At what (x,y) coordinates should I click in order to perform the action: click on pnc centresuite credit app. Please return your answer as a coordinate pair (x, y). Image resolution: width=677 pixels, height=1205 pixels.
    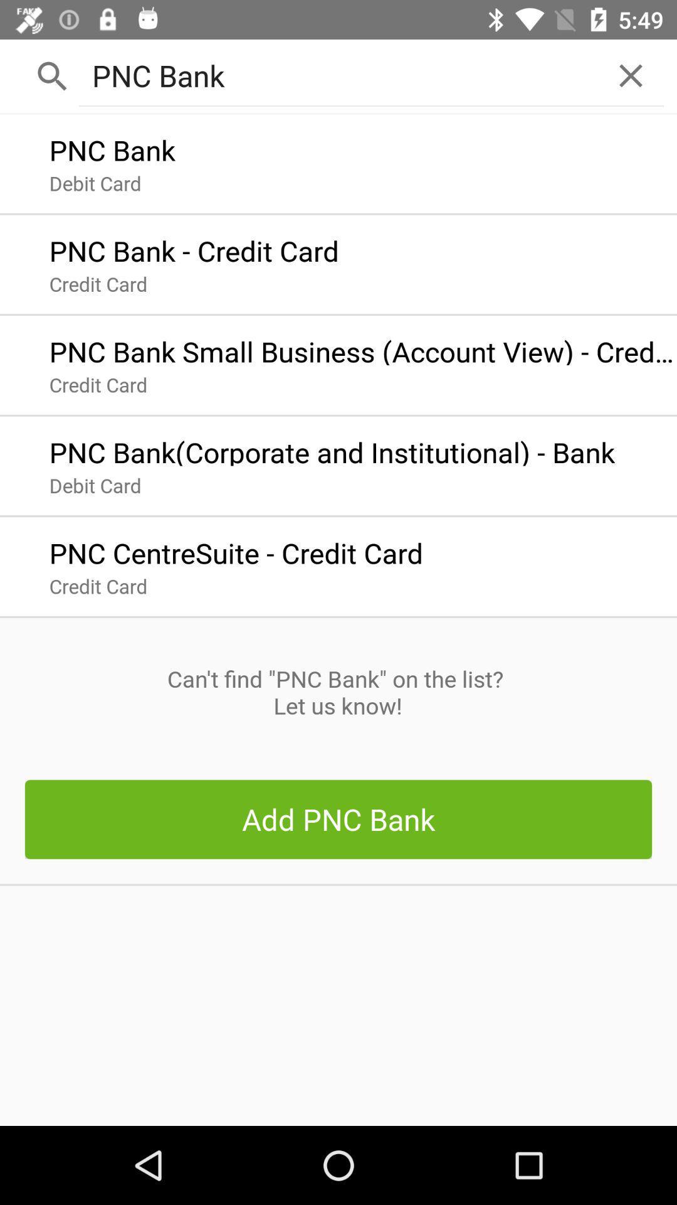
    Looking at the image, I should click on (236, 550).